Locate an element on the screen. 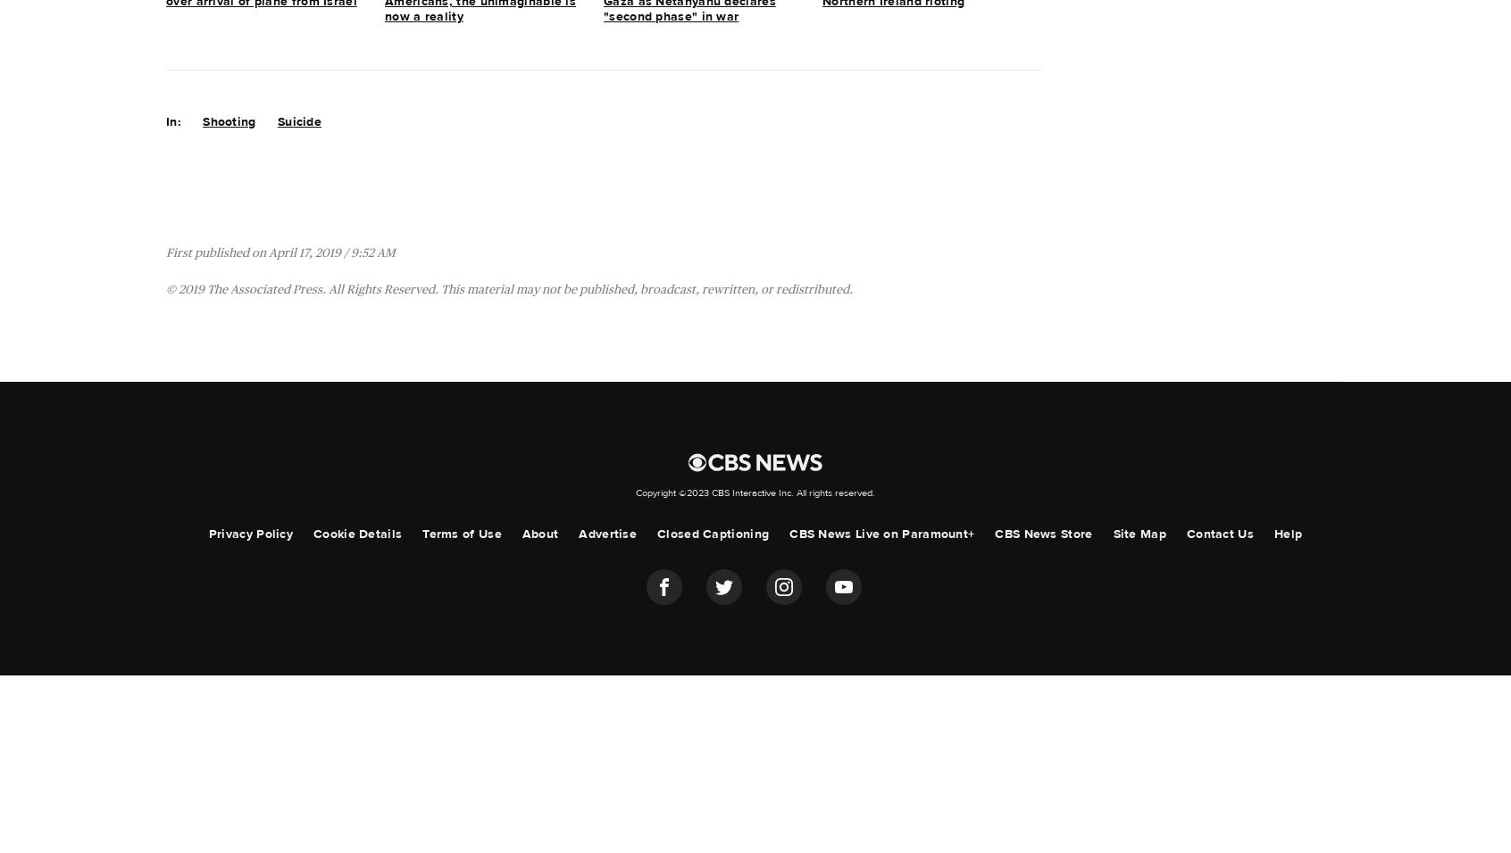  'Advertise' is located at coordinates (607, 534).